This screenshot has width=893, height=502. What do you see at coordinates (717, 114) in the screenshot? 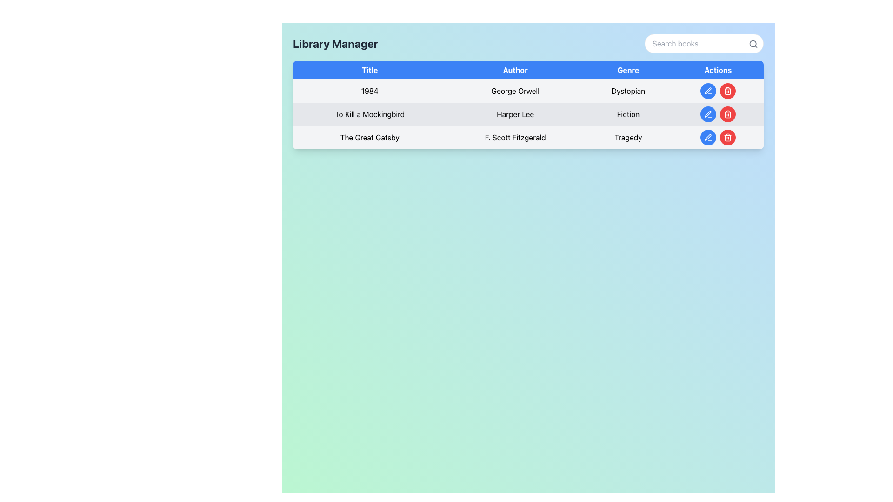
I see `the button group consisting of 'Edit' and 'Delete' buttons in the Actions column for the book 'To Kill a Mockingbird'` at bounding box center [717, 114].